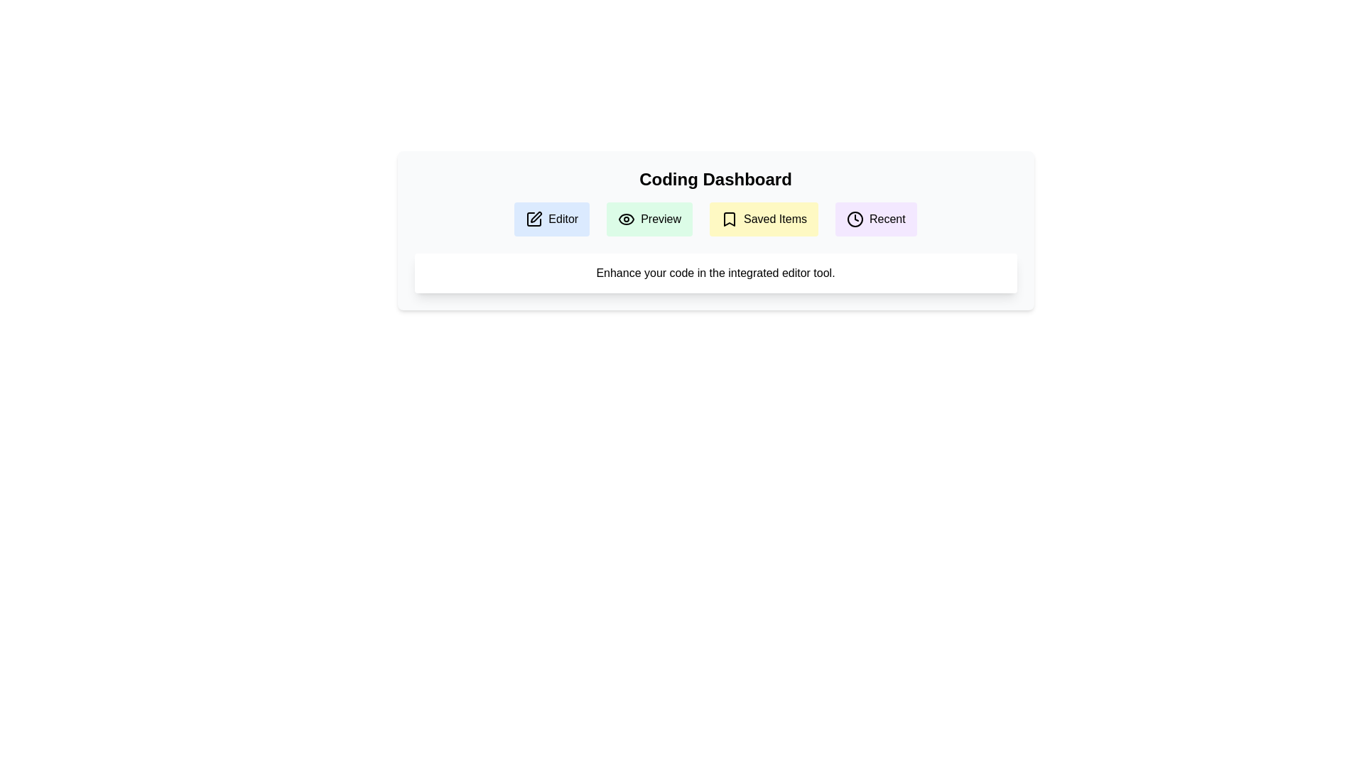 This screenshot has height=767, width=1364. What do you see at coordinates (875, 219) in the screenshot?
I see `the 'Recent' button in the horizontal menu` at bounding box center [875, 219].